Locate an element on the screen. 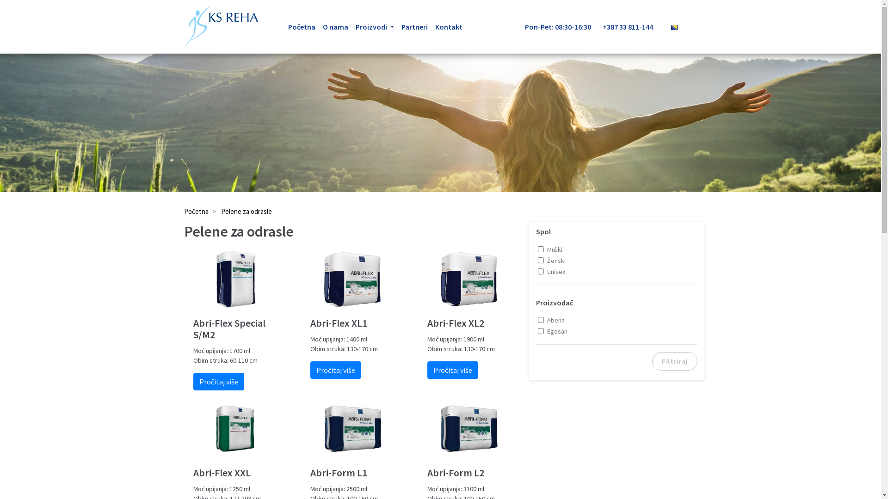  'Proizvodi' is located at coordinates (374, 26).